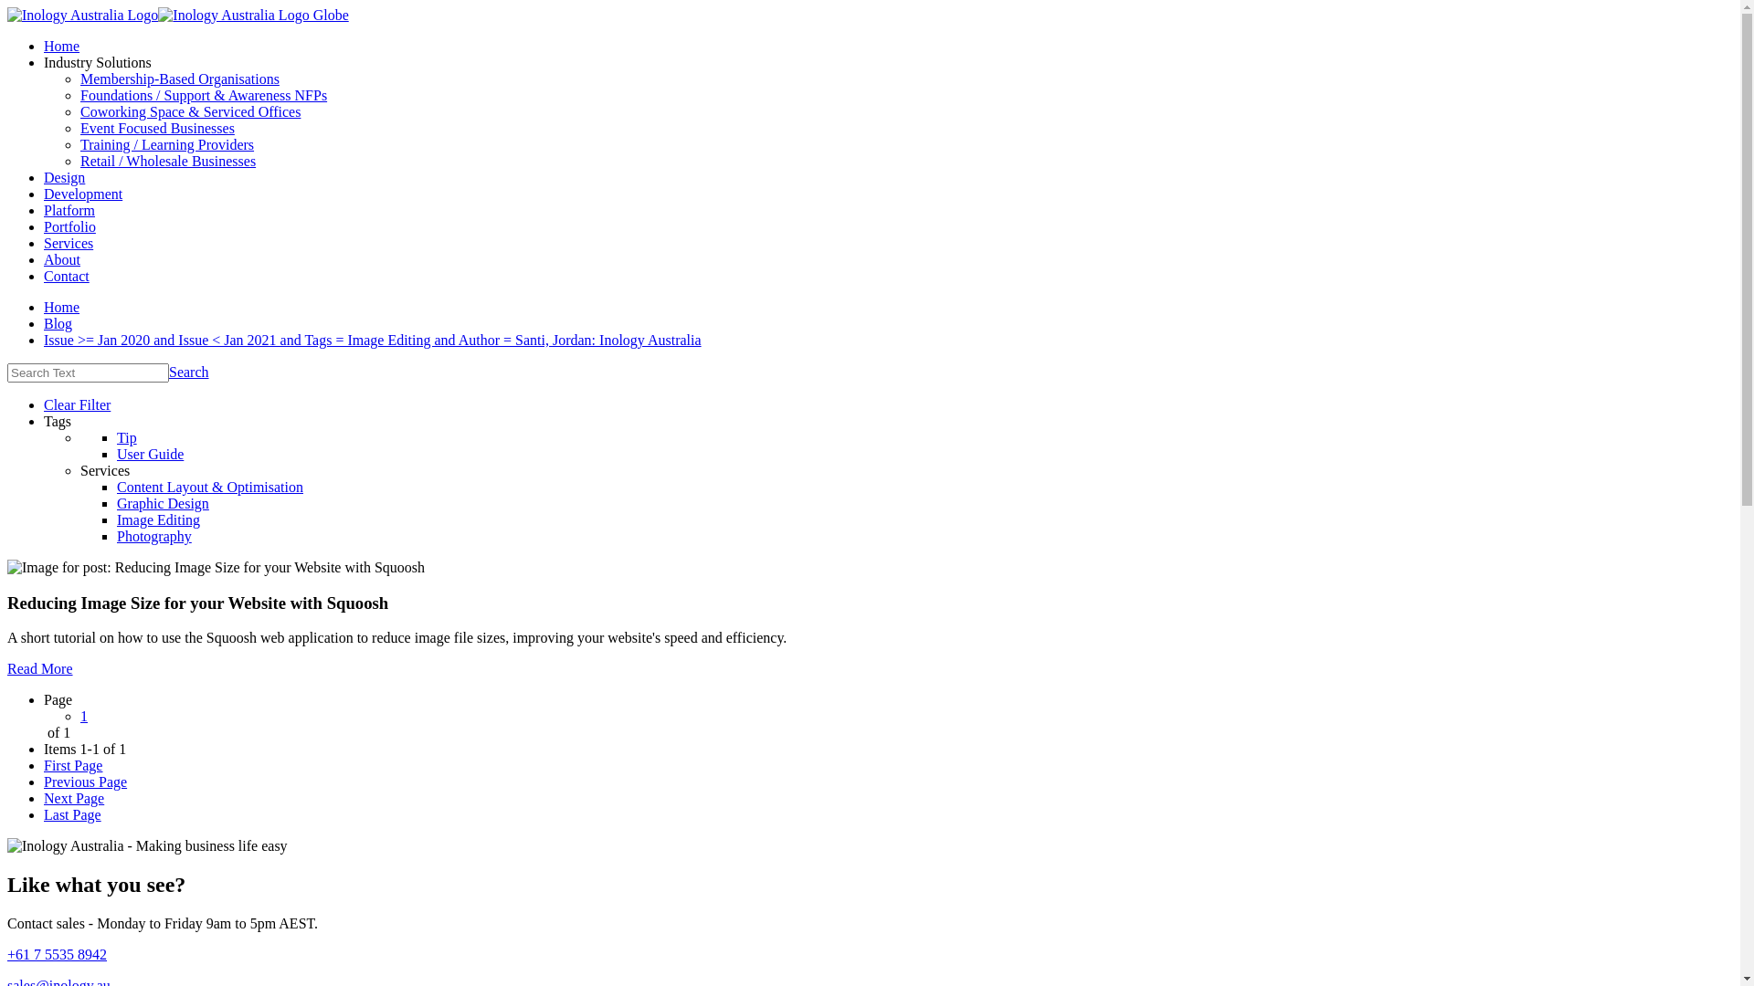  I want to click on 'First Page', so click(73, 765).